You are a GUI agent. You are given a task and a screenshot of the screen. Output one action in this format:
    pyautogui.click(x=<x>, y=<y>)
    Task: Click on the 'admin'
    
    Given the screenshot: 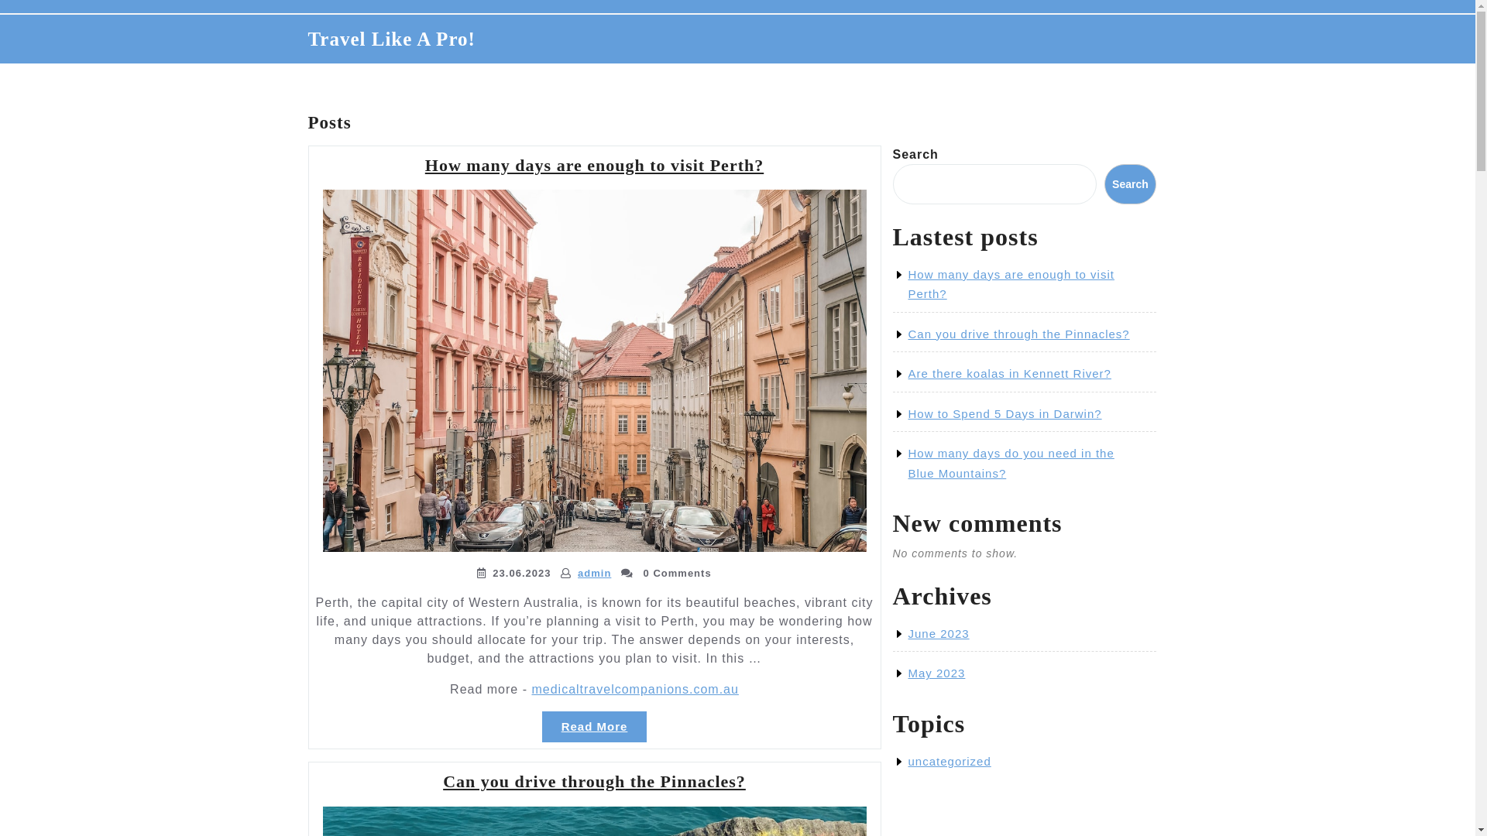 What is the action you would take?
    pyautogui.click(x=593, y=573)
    